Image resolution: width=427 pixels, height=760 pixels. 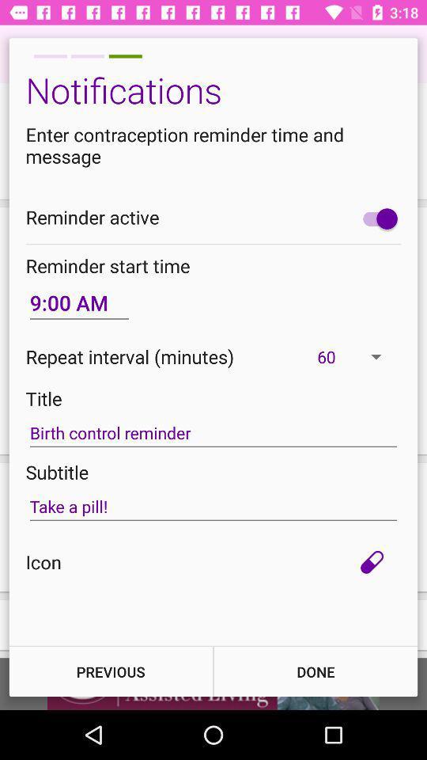 I want to click on reminder to active, so click(x=376, y=218).